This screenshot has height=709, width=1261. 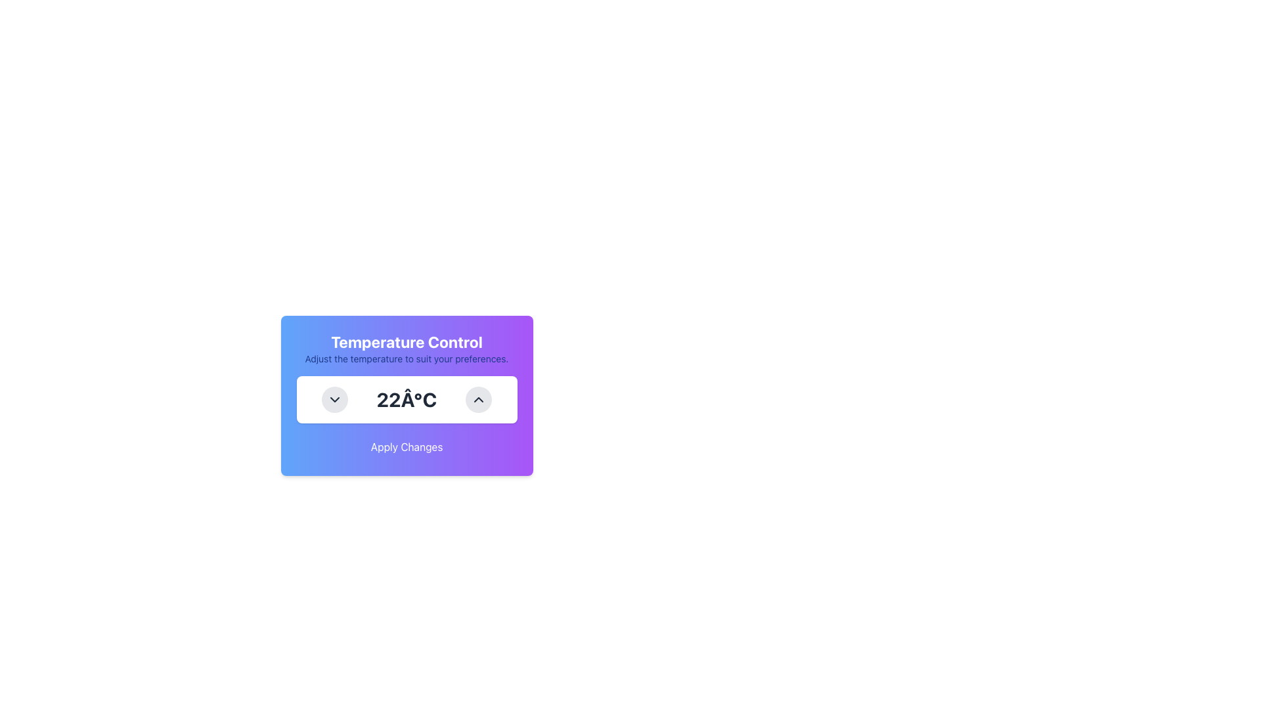 What do you see at coordinates (334, 399) in the screenshot?
I see `the circular button with a light gray background and a black downward chevron icon` at bounding box center [334, 399].